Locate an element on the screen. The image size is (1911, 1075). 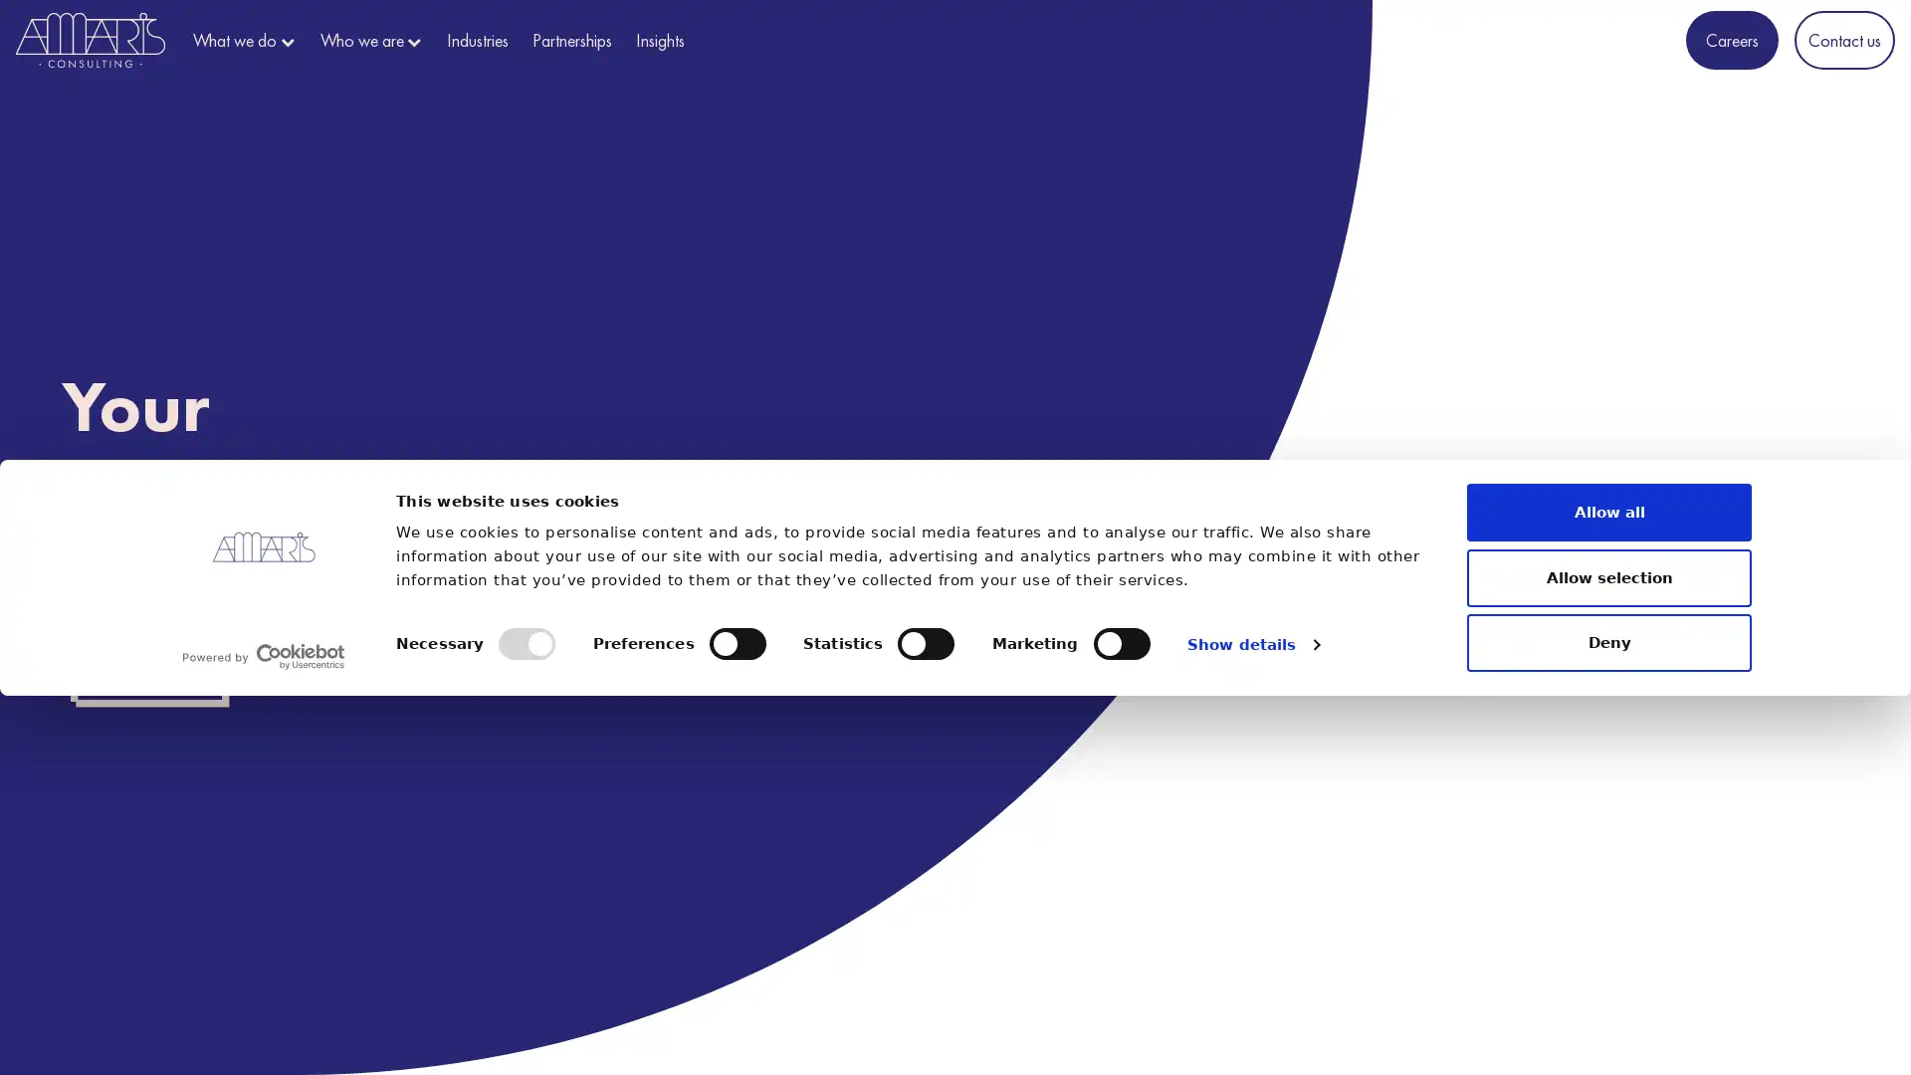
Discover us is located at coordinates (146, 672).